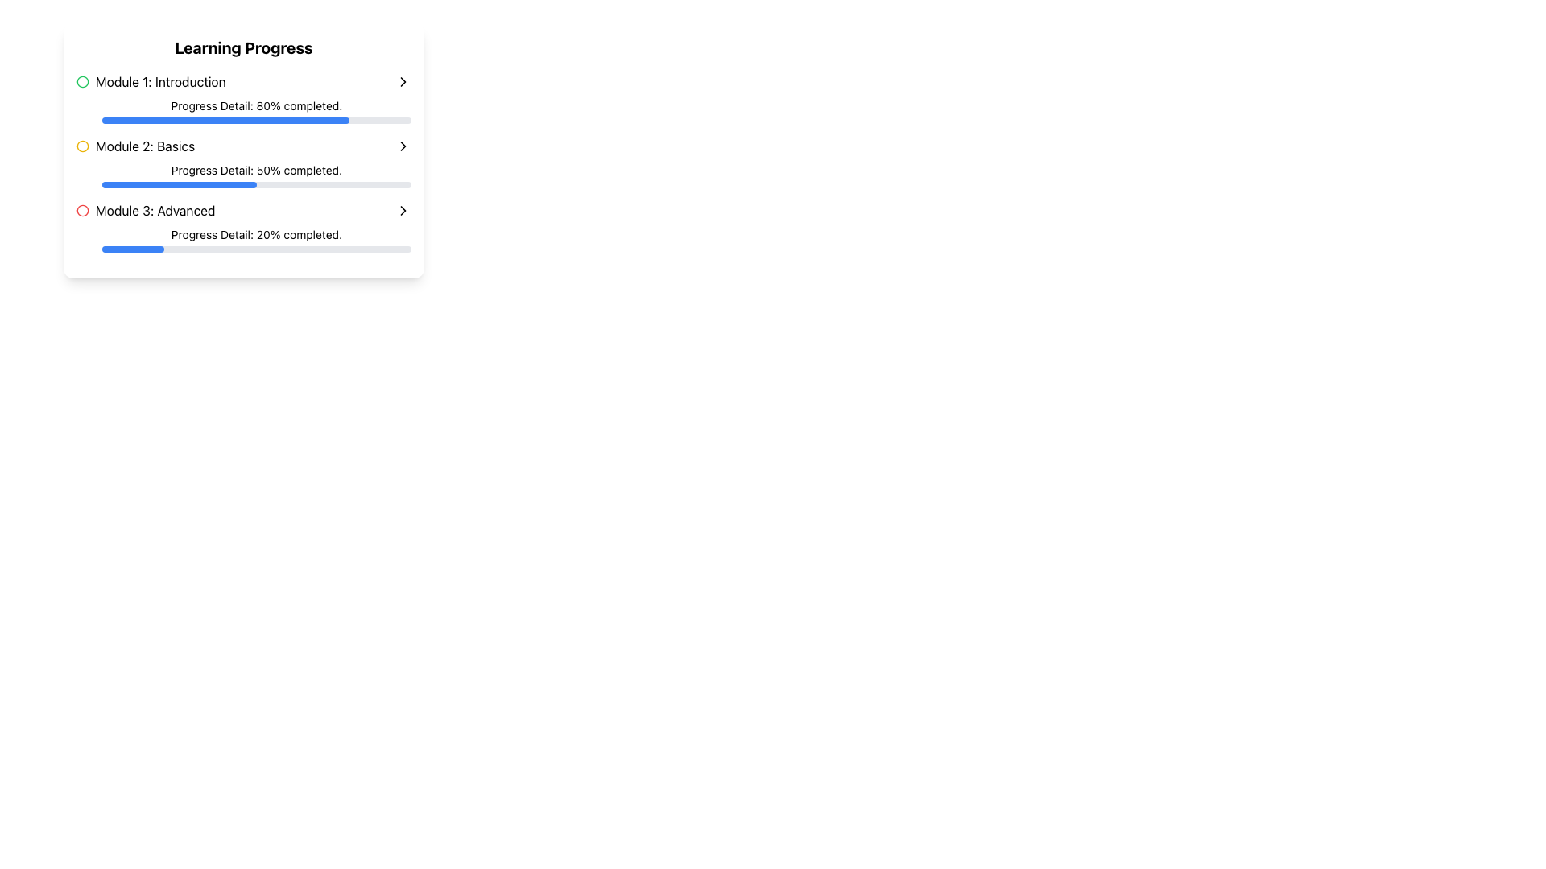 This screenshot has height=869, width=1546. Describe the element at coordinates (81, 81) in the screenshot. I see `the first and leftmost Status indicator icon in the 'Learning Progress' list, which precedes the 'Module 1: Introduction' label` at that location.